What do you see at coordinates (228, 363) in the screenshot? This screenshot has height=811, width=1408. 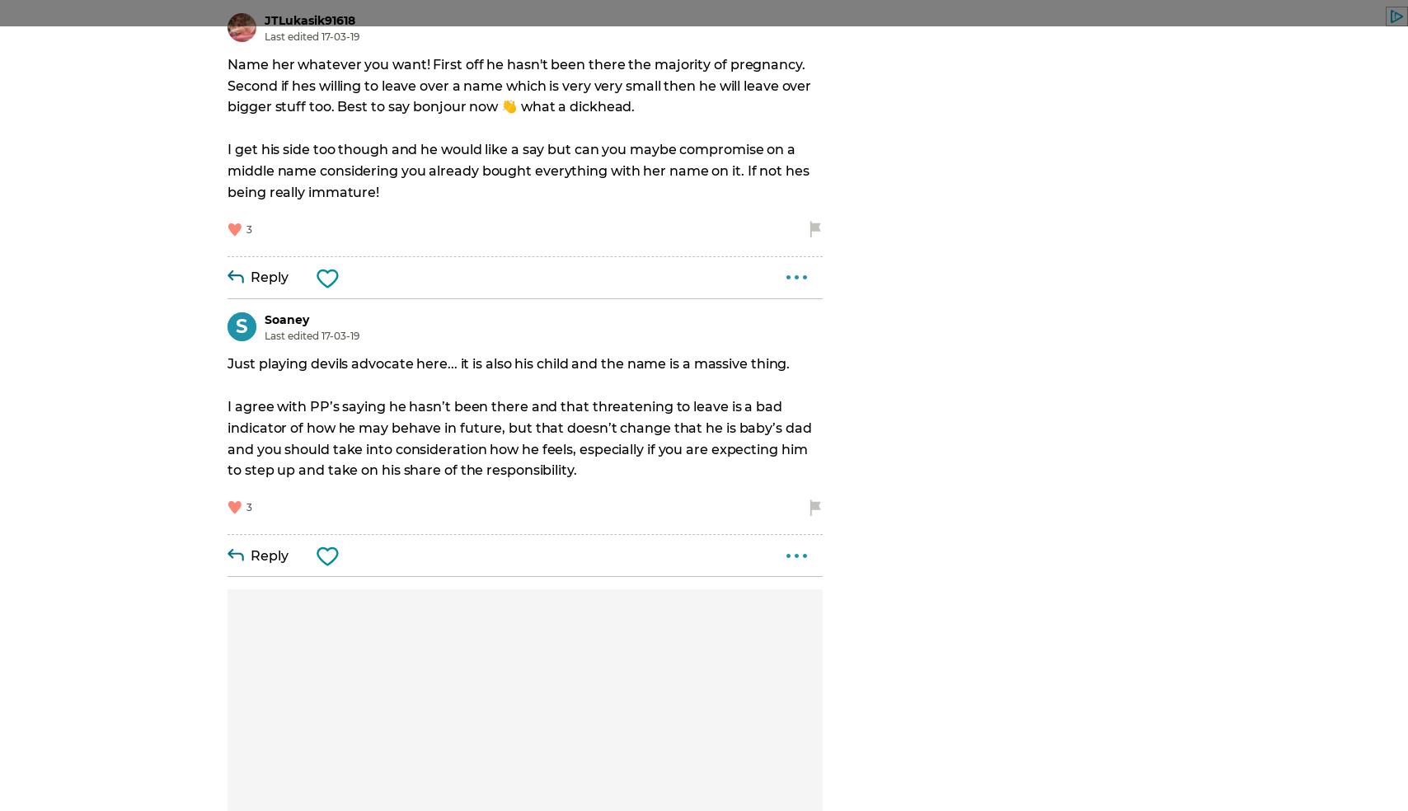 I see `'Just playing devils advocate here... it is also his child and the name is a massive thing.'` at bounding box center [228, 363].